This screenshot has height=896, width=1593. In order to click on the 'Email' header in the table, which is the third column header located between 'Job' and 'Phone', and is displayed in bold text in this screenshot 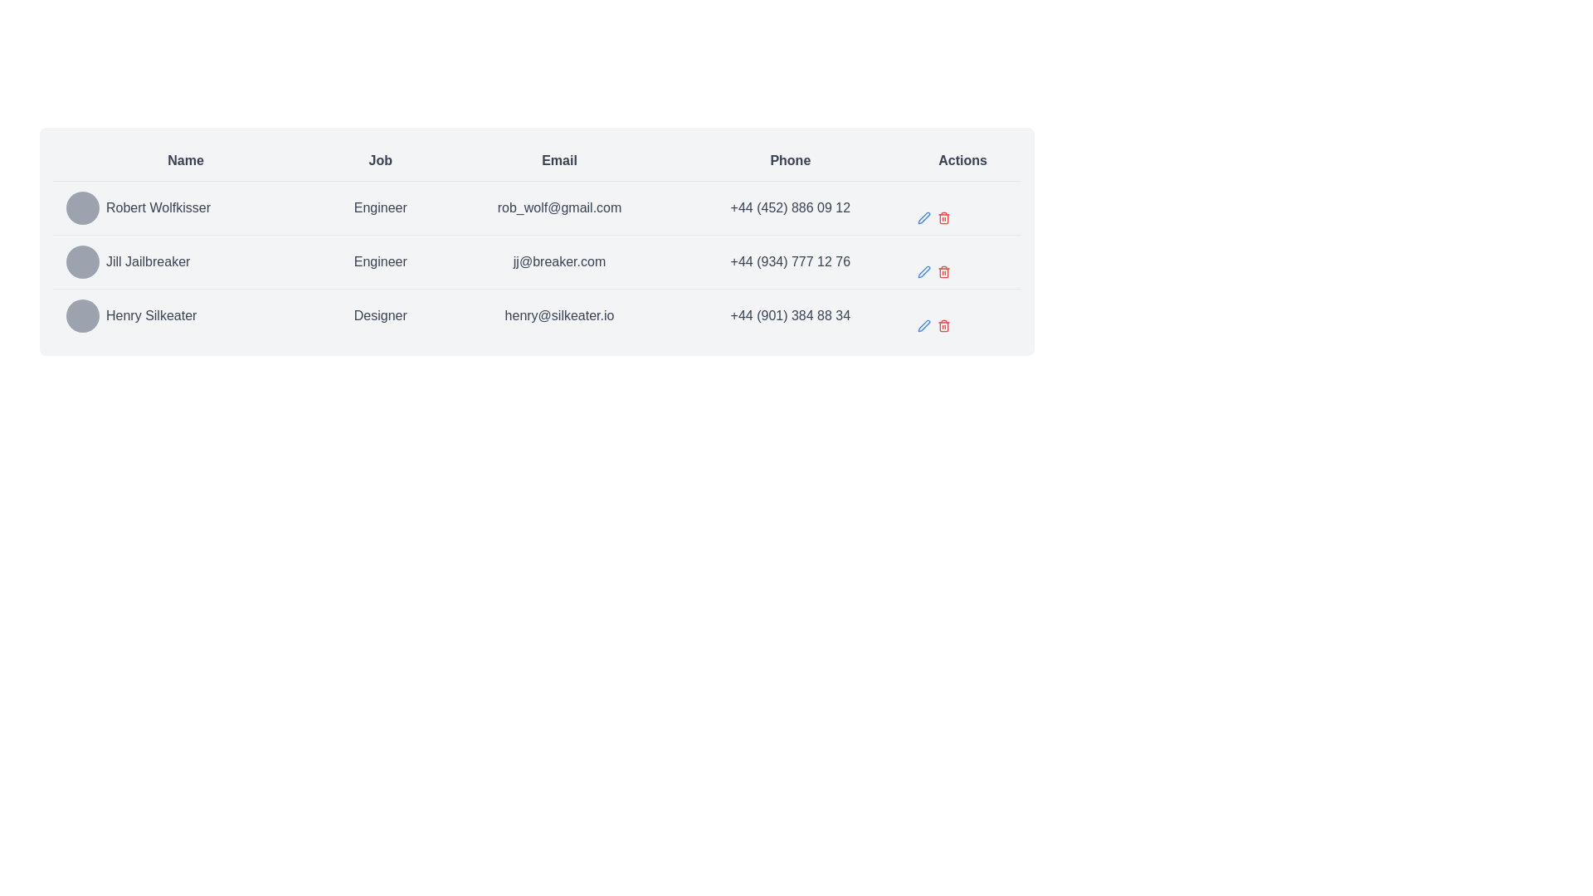, I will do `click(559, 161)`.